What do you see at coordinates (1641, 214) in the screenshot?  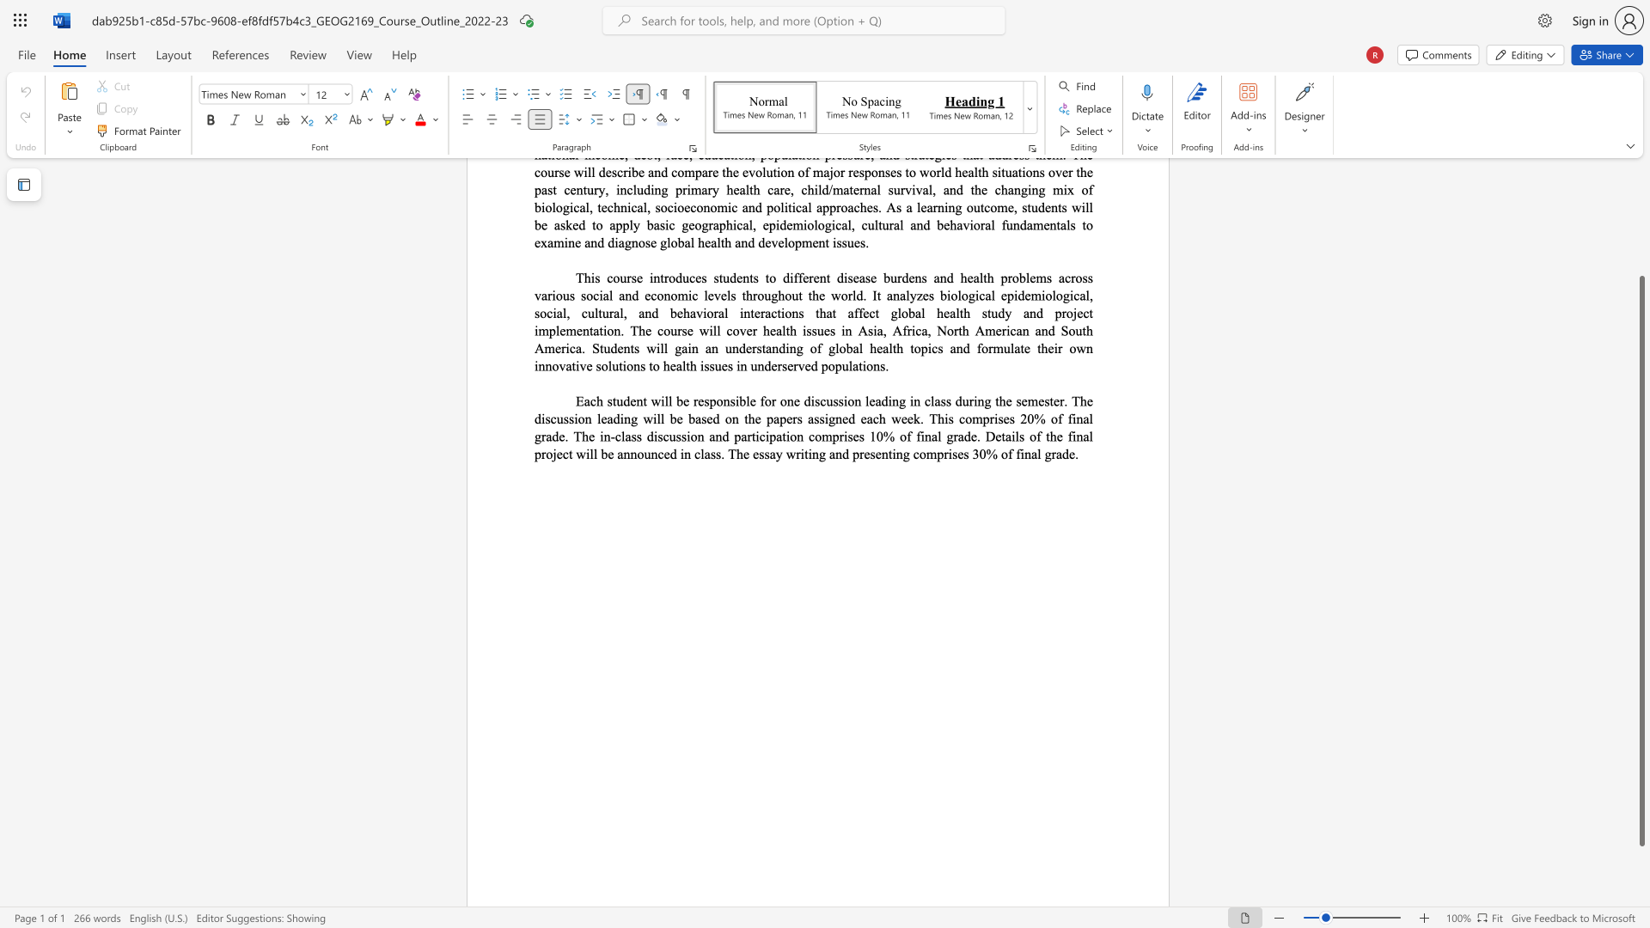 I see `the scrollbar` at bounding box center [1641, 214].